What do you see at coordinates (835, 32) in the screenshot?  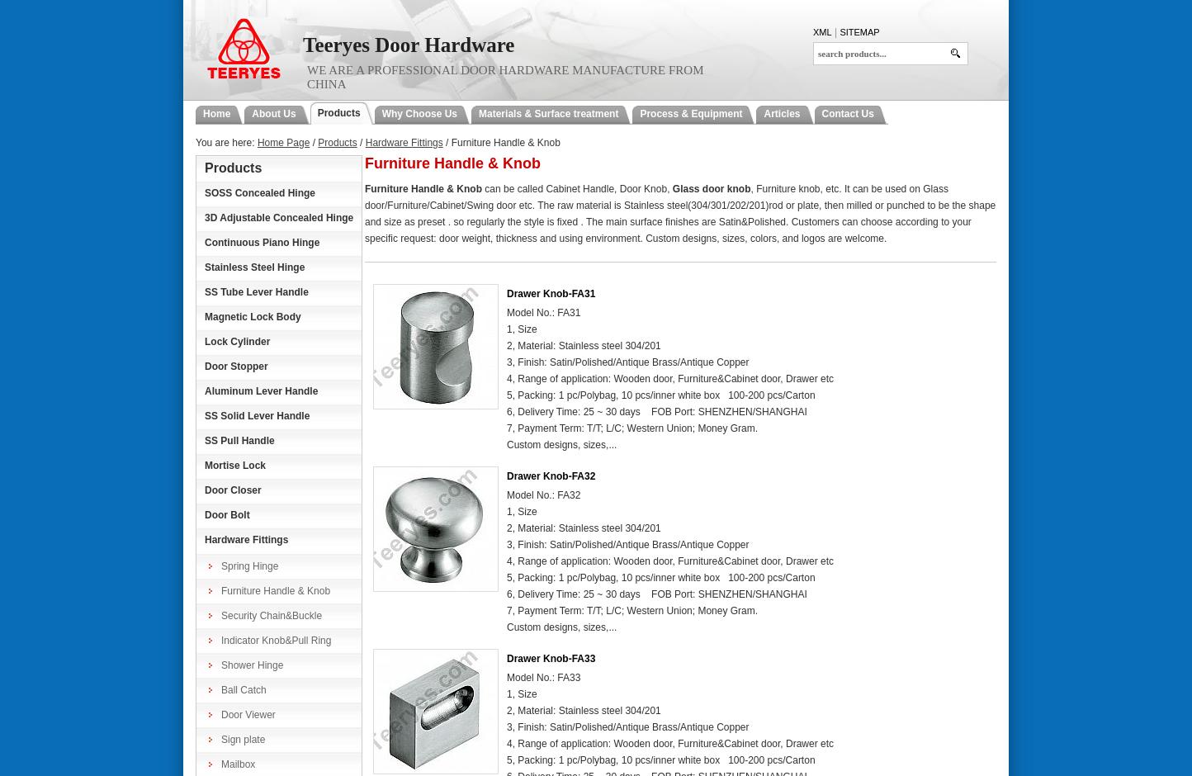 I see `'|'` at bounding box center [835, 32].